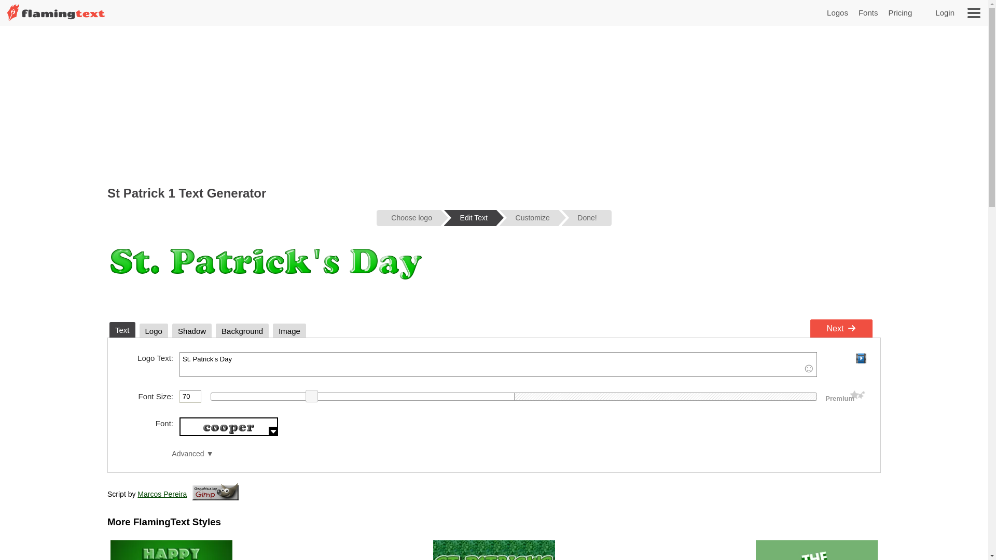 The height and width of the screenshot is (560, 996). What do you see at coordinates (837, 12) in the screenshot?
I see `'Logos'` at bounding box center [837, 12].